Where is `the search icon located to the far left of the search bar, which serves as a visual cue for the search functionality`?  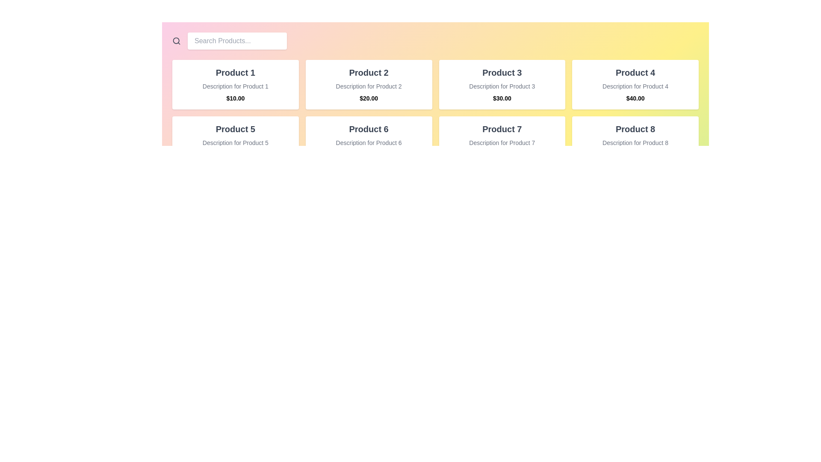
the search icon located to the far left of the search bar, which serves as a visual cue for the search functionality is located at coordinates (176, 41).